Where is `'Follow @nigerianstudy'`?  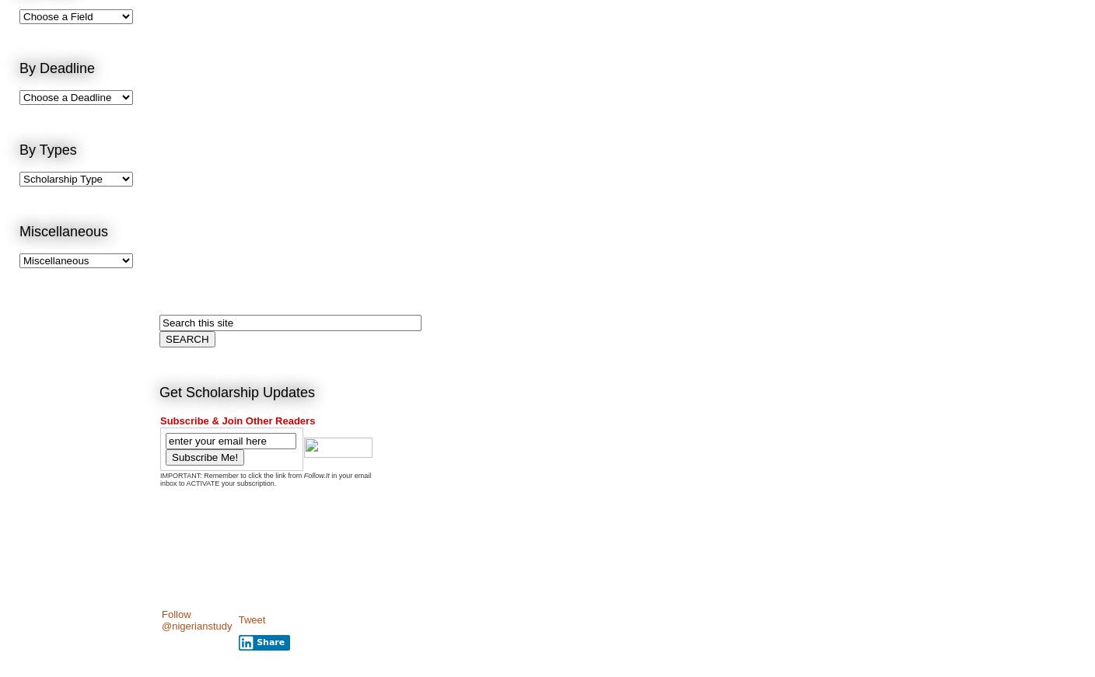 'Follow @nigerianstudy' is located at coordinates (160, 619).